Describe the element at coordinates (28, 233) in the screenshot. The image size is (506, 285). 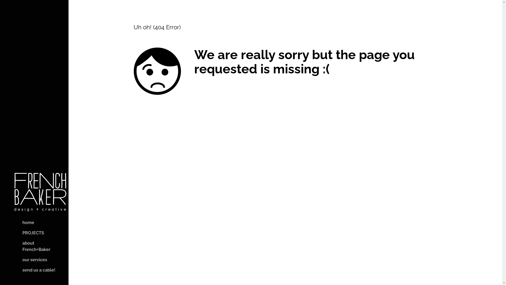
I see `'PROJECTS'` at that location.